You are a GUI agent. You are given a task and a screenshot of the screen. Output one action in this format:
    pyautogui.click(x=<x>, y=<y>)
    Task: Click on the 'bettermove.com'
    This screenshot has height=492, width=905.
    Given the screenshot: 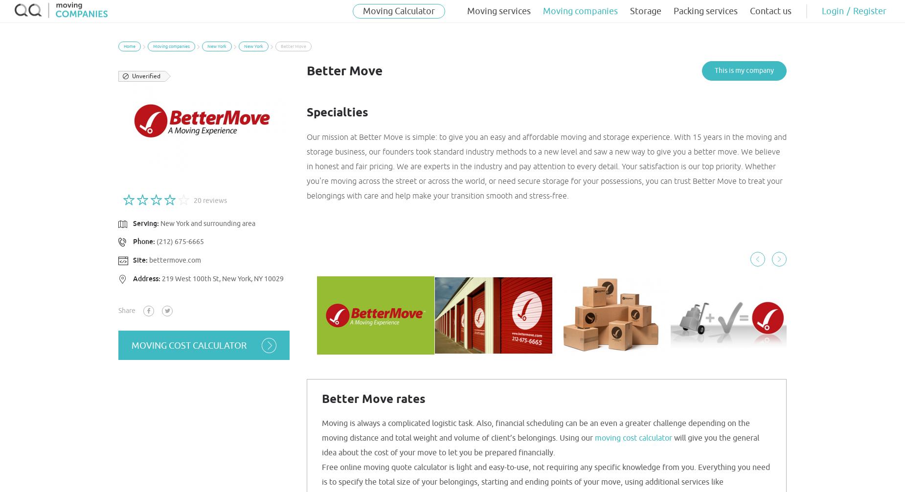 What is the action you would take?
    pyautogui.click(x=174, y=260)
    